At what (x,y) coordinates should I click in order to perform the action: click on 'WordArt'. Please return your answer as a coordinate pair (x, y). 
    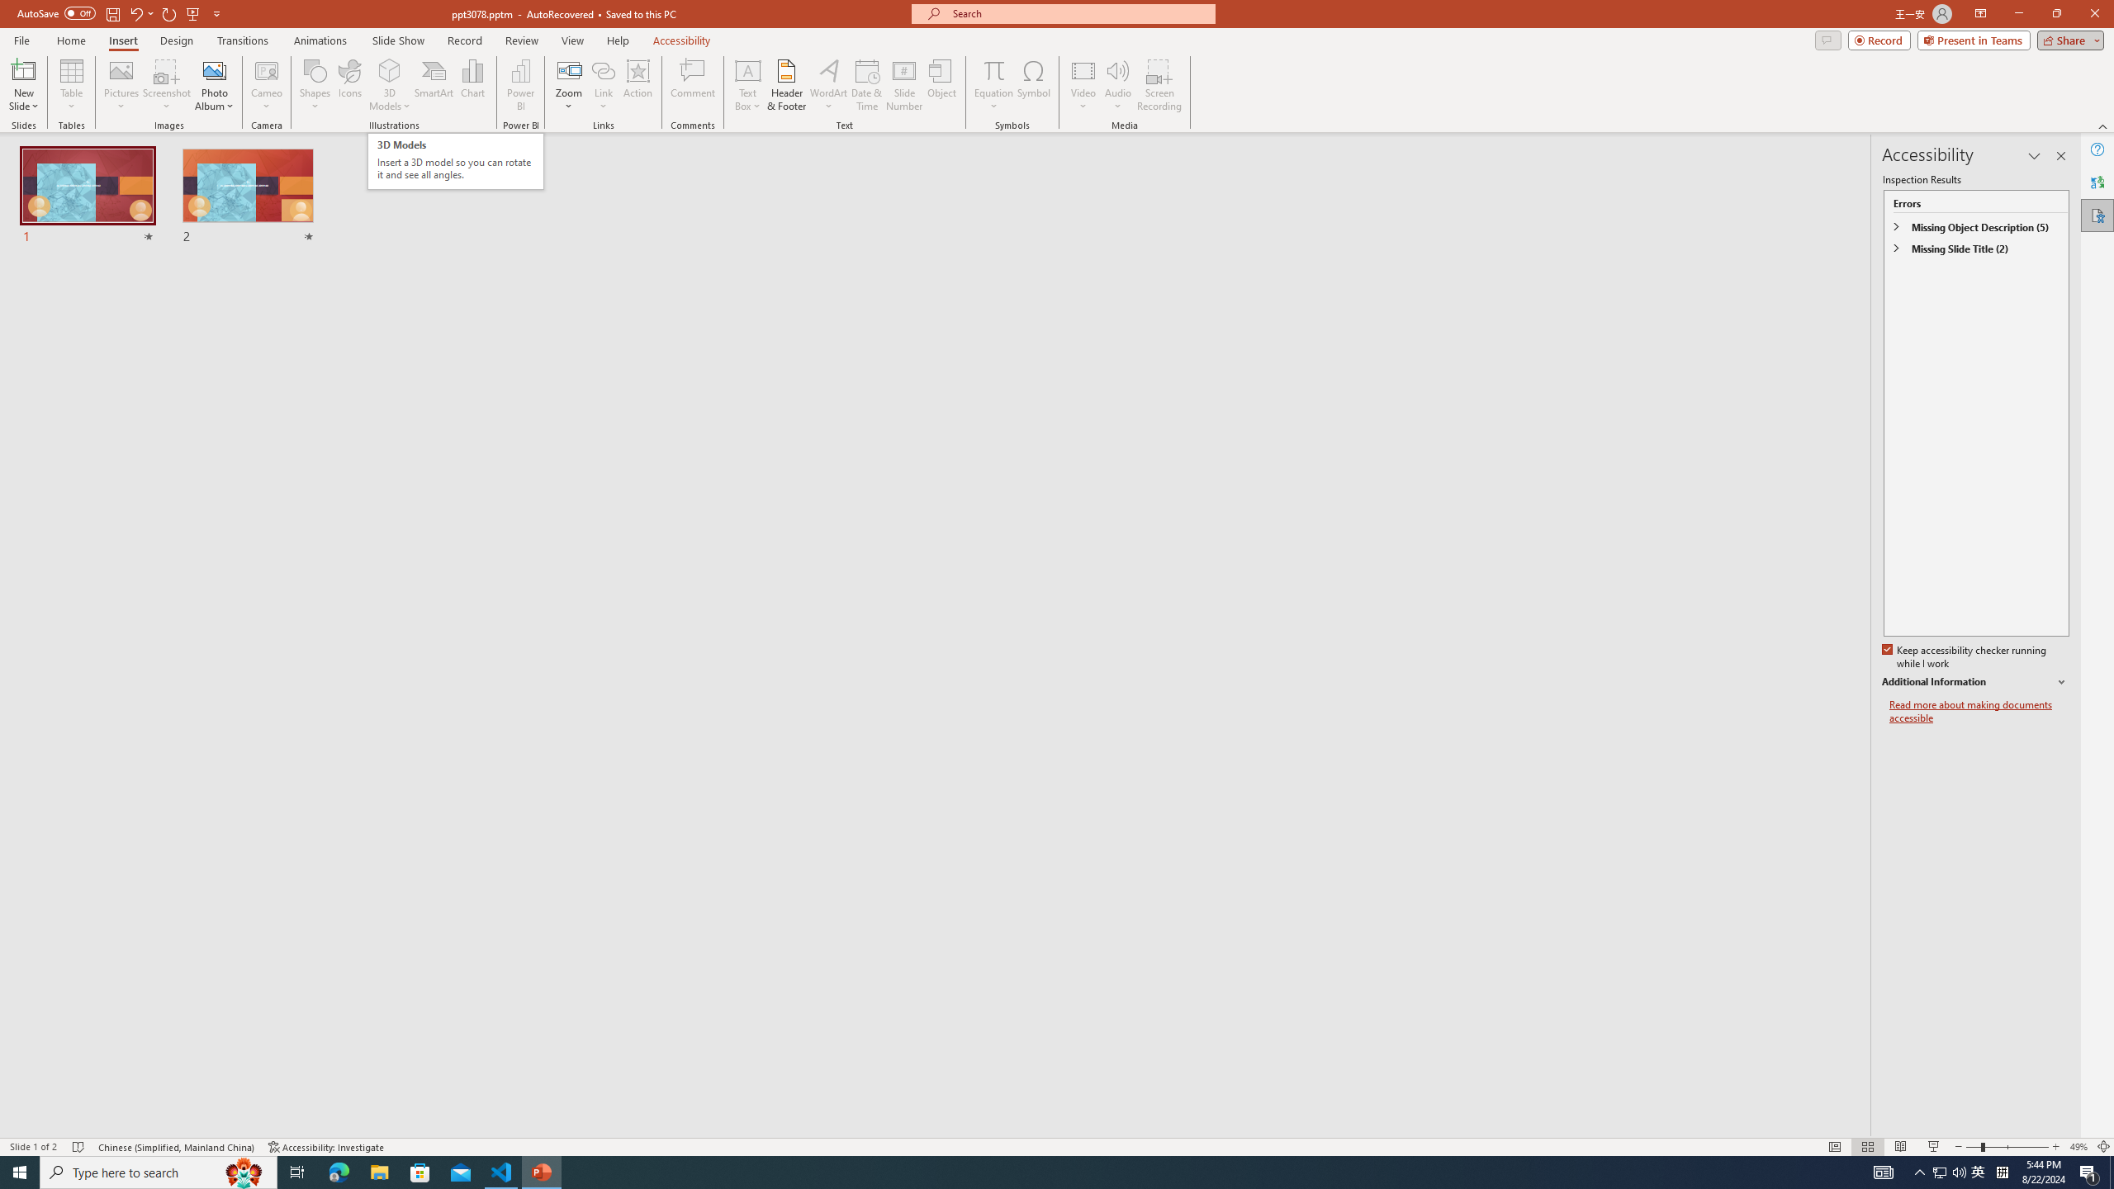
    Looking at the image, I should click on (827, 85).